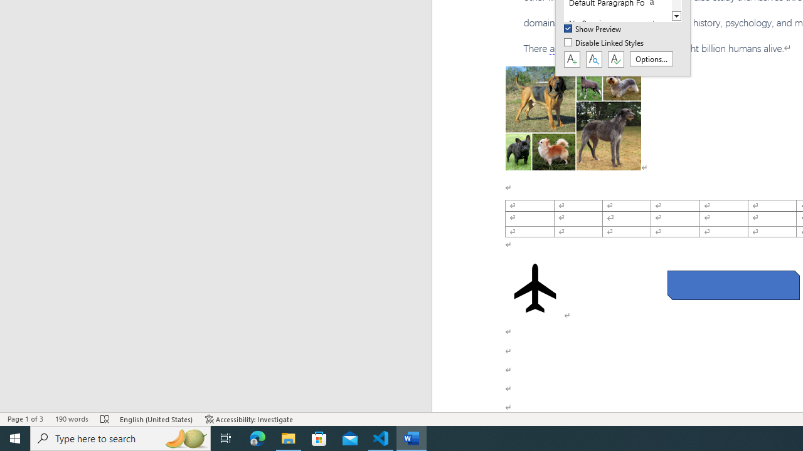 The width and height of the screenshot is (803, 451). I want to click on 'Airplane with solid fill', so click(535, 288).